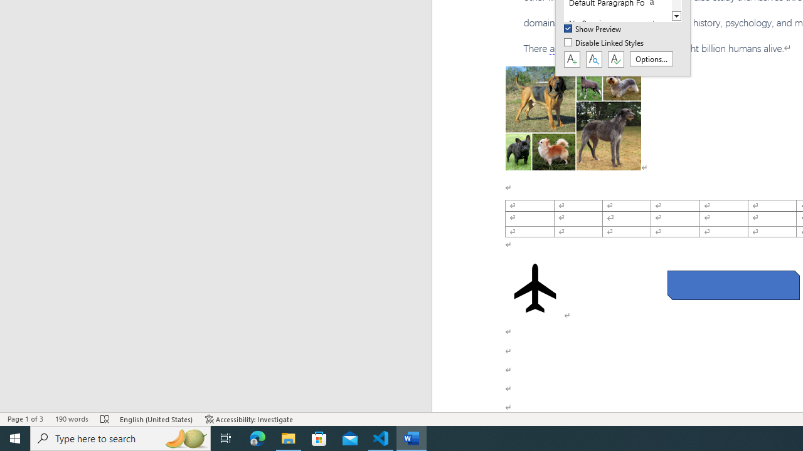 The width and height of the screenshot is (803, 451). I want to click on 'Airplane with solid fill', so click(535, 288).